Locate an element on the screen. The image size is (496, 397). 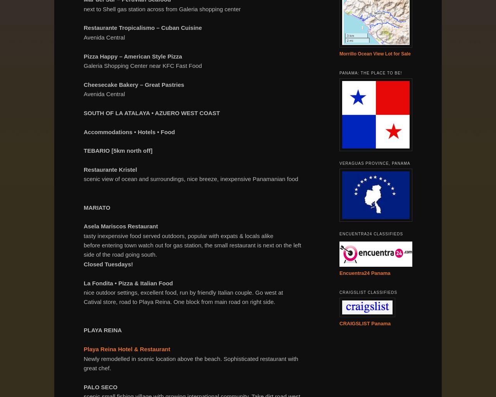
'tasty inexpensive food served outdoors, popular with expats & locals alike' is located at coordinates (178, 235).